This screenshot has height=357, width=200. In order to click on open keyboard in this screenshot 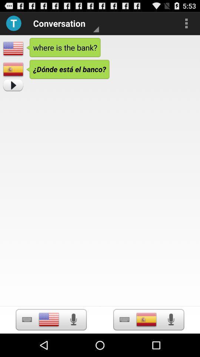, I will do `click(124, 319)`.